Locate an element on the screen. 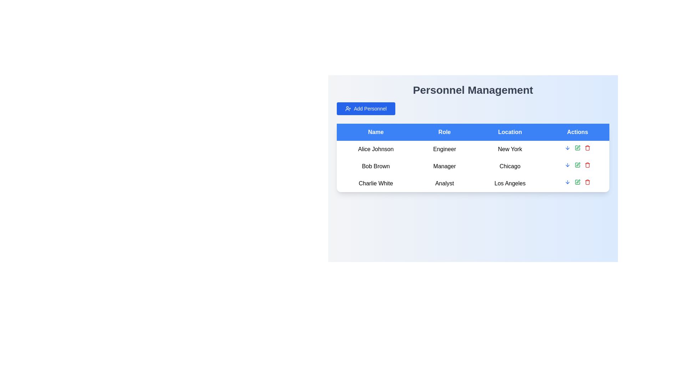  the green pen icon button located in the second row of the 'Actions' column in the table to initiate edit mode is located at coordinates (577, 165).